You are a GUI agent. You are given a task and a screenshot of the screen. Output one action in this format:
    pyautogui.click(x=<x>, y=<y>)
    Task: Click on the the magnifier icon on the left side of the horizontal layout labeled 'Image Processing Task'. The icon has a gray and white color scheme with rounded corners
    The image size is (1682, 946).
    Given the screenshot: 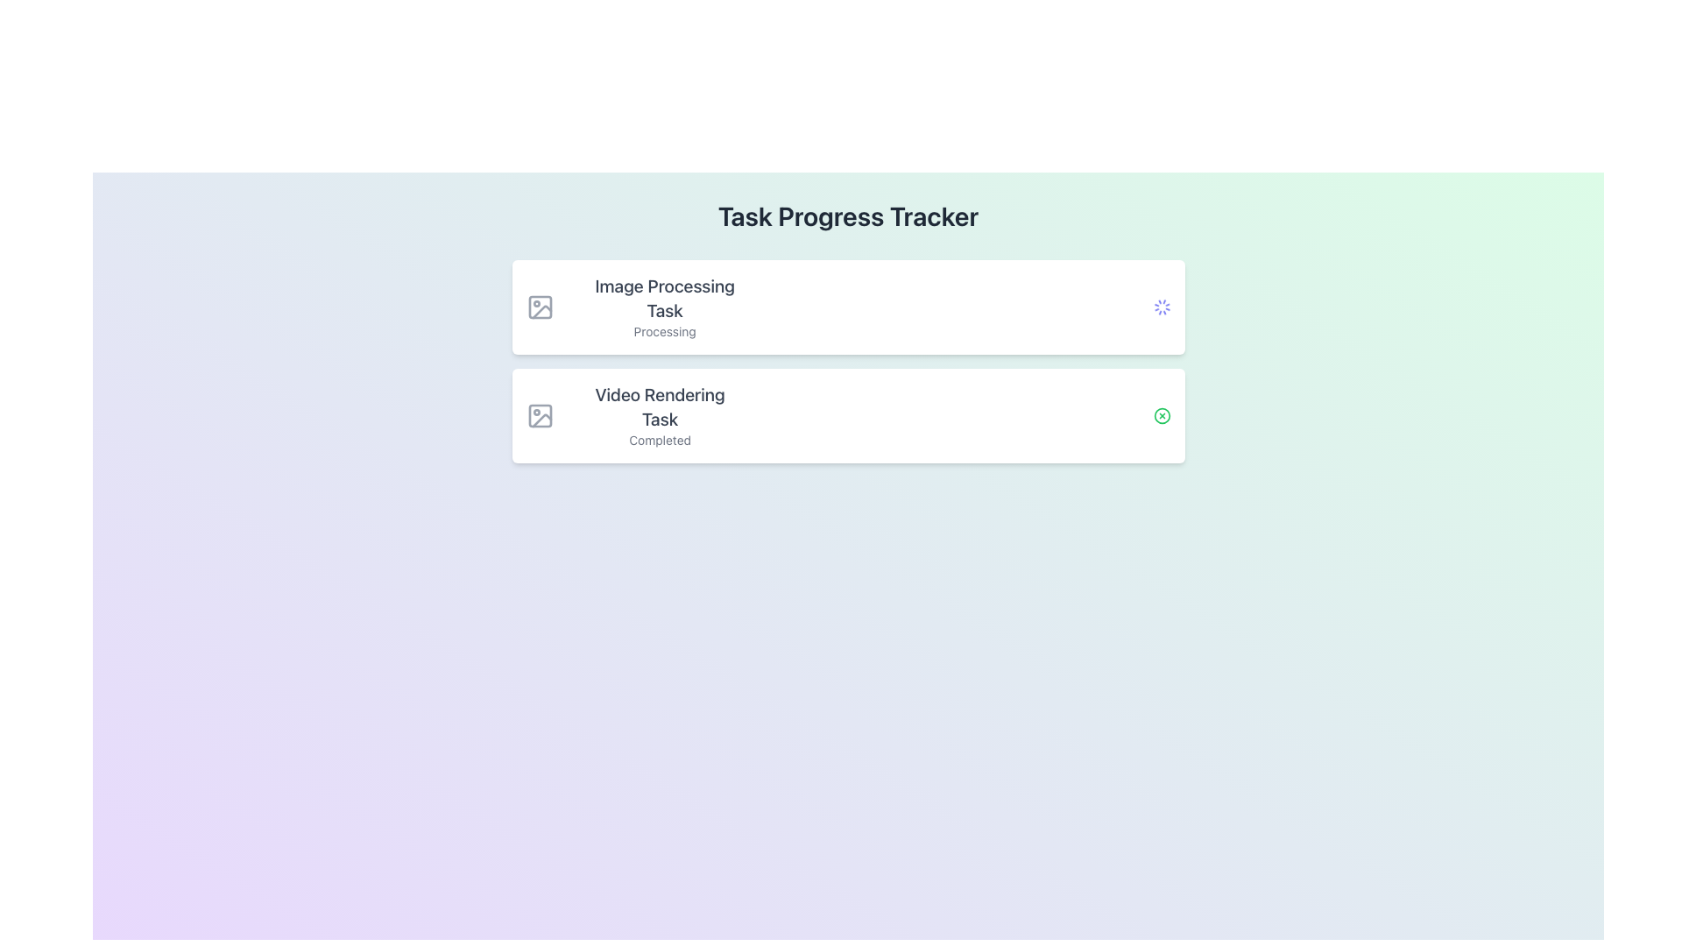 What is the action you would take?
    pyautogui.click(x=546, y=307)
    